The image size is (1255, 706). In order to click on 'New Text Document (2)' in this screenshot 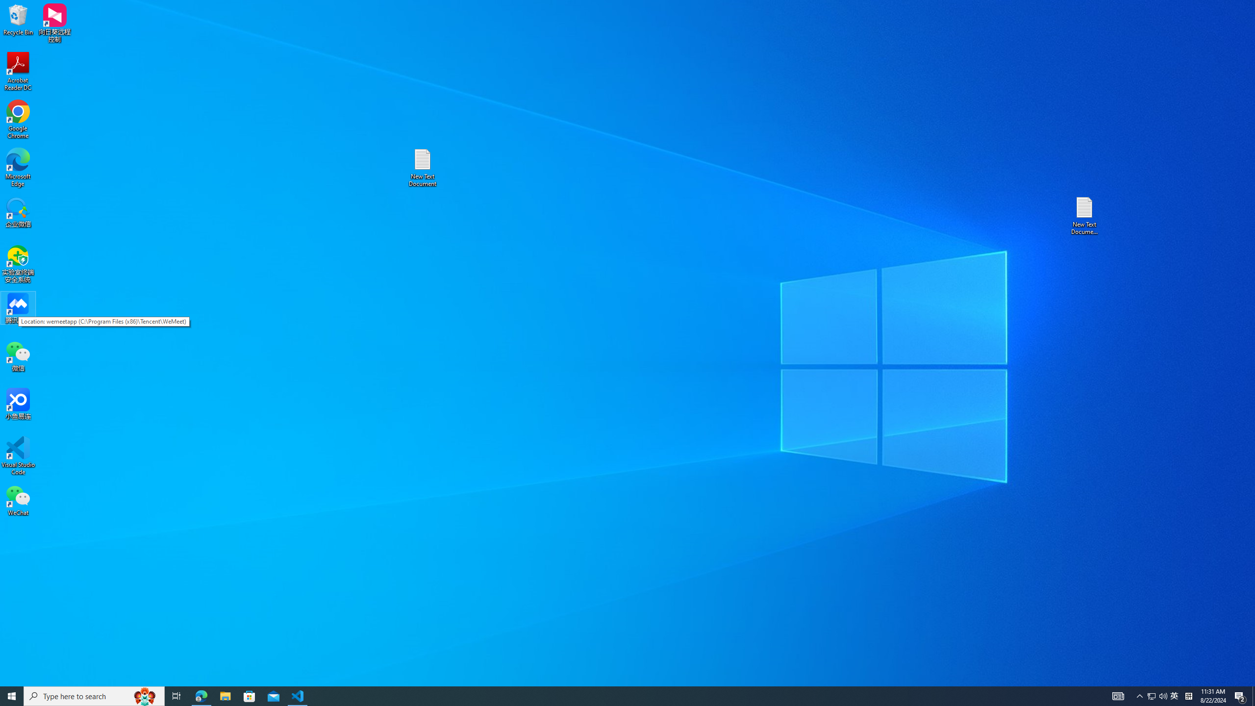, I will do `click(1085, 215)`.